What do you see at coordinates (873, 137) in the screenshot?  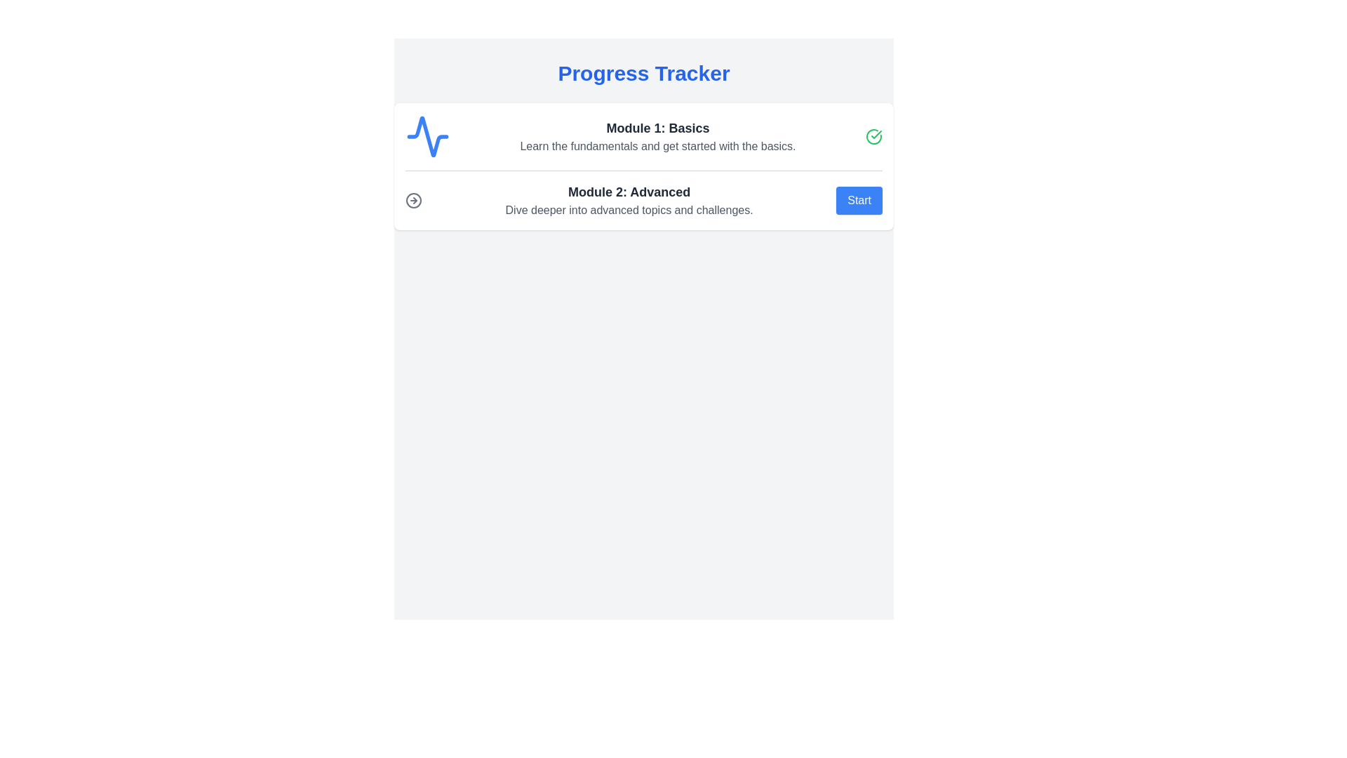 I see `the completion indicator icon located in the top-right corner of 'Module 1: Basics'` at bounding box center [873, 137].